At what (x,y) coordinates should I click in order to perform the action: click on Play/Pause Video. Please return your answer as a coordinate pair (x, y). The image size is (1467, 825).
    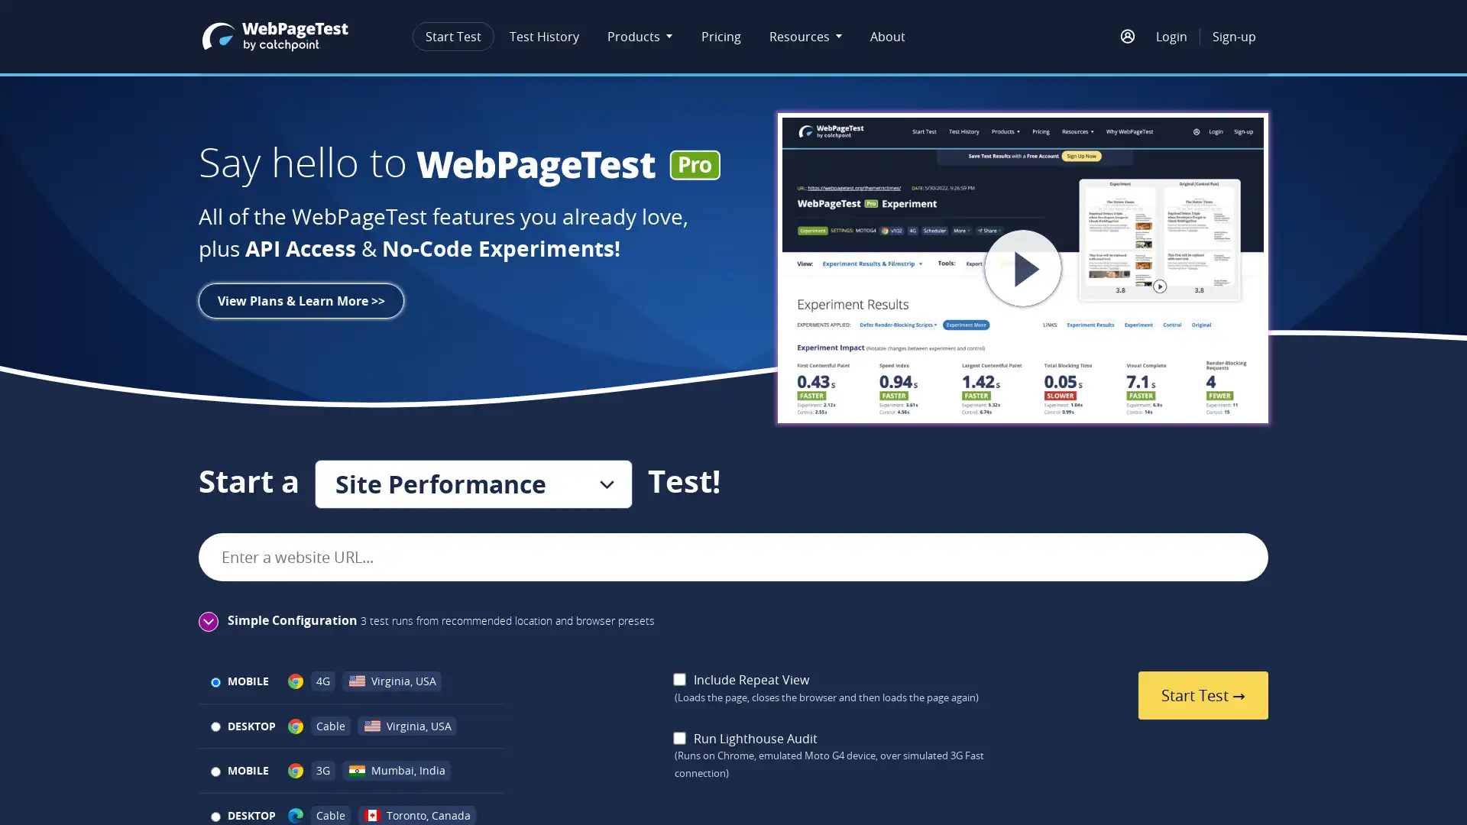
    Looking at the image, I should click on (1023, 267).